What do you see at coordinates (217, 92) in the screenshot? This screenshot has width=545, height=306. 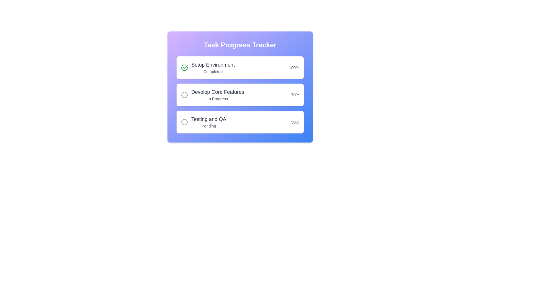 I see `text content of the title label located in the second card of the task progress tracker, positioned above the 'In Progress' text and to the right of the circular icon placeholder` at bounding box center [217, 92].